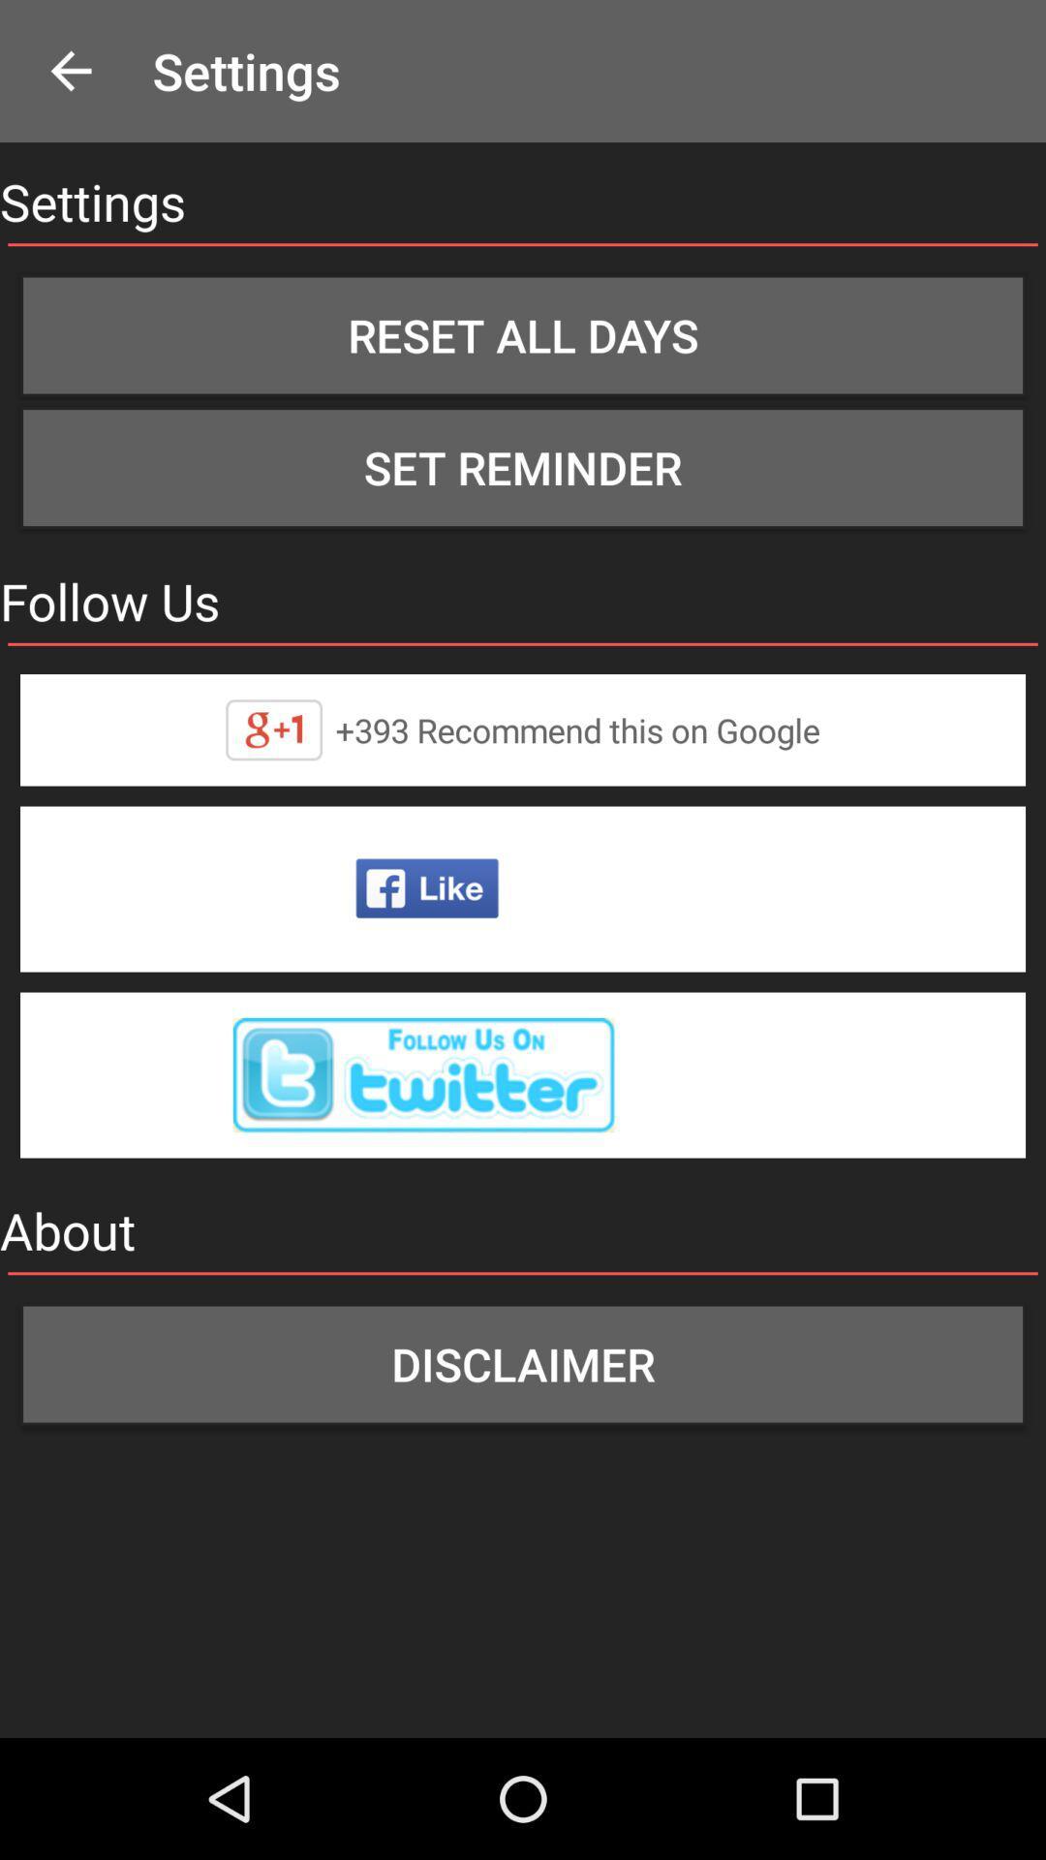  I want to click on icon next to the settings, so click(70, 71).